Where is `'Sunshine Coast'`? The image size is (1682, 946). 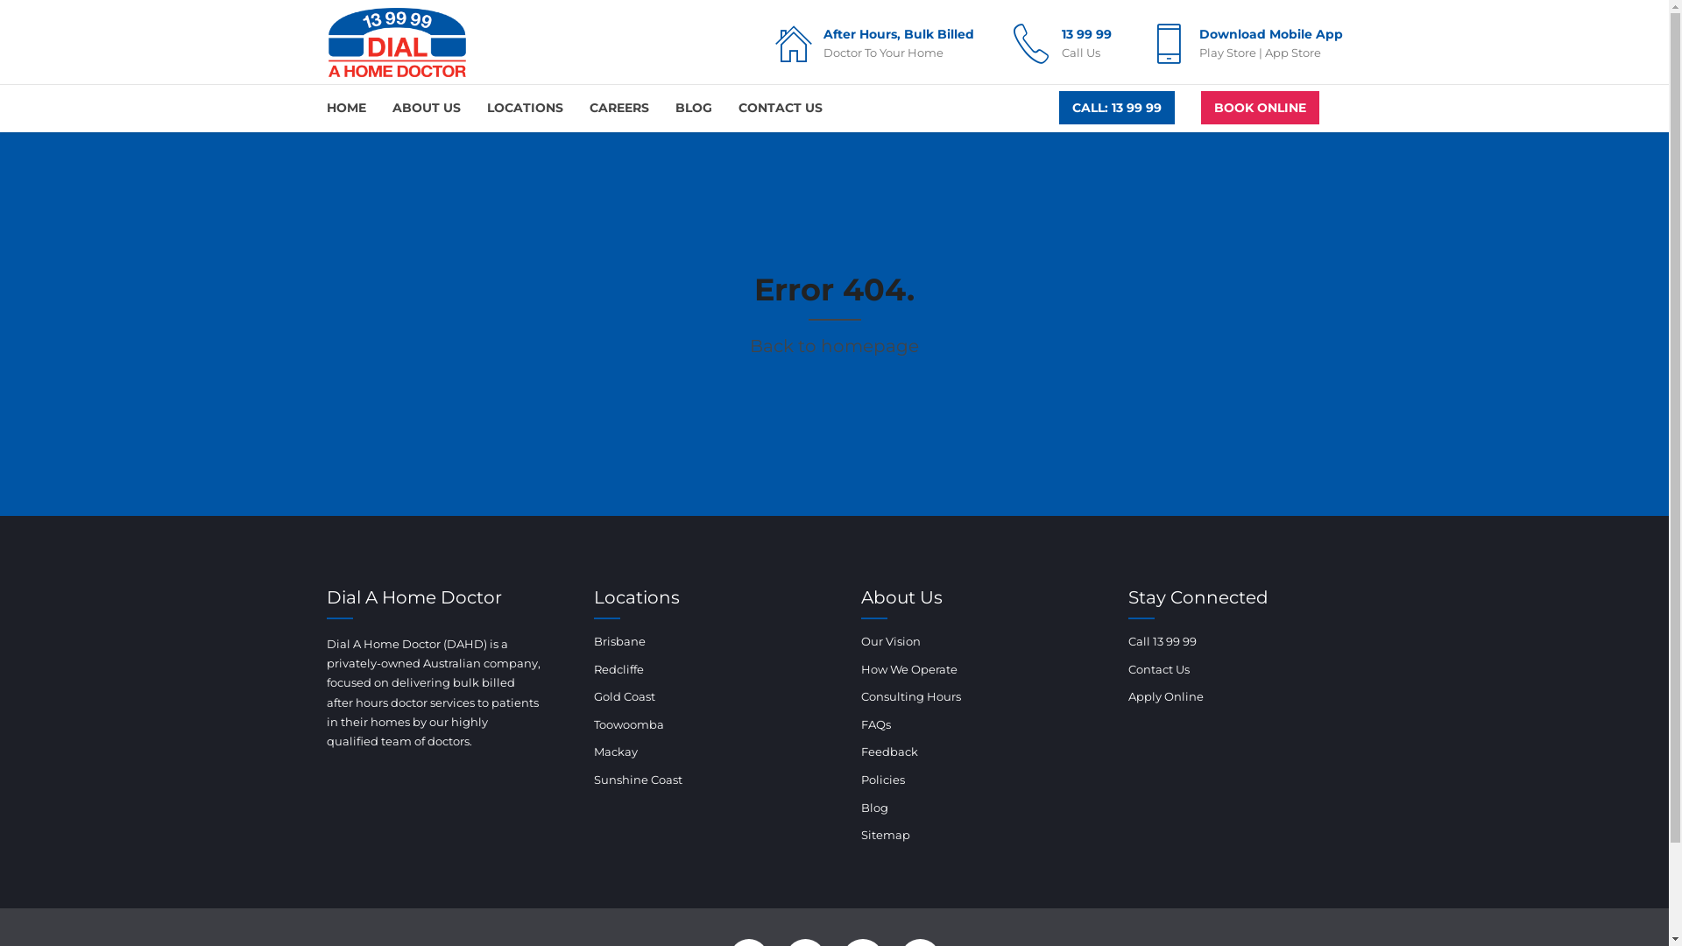
'Sunshine Coast' is located at coordinates (637, 779).